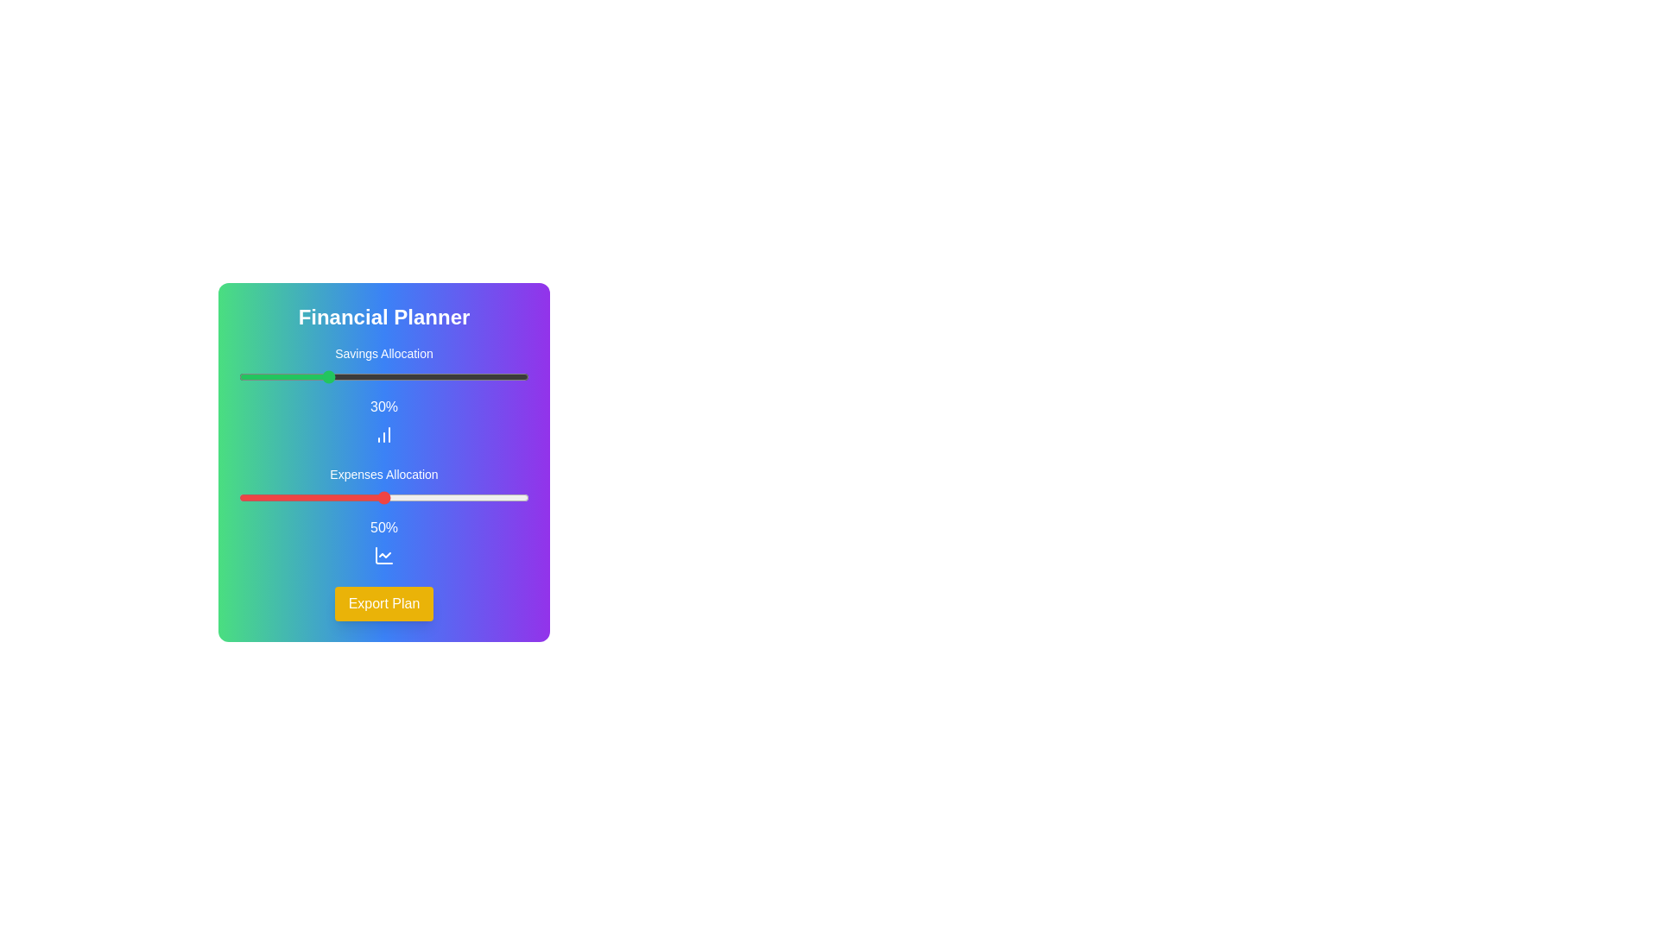 The width and height of the screenshot is (1658, 932). Describe the element at coordinates (383, 602) in the screenshot. I see `the rectangular 'Export Plan' button with a yellow background and white text located at the bottom of the 'Financial Planner' section to activate the hover state` at that location.